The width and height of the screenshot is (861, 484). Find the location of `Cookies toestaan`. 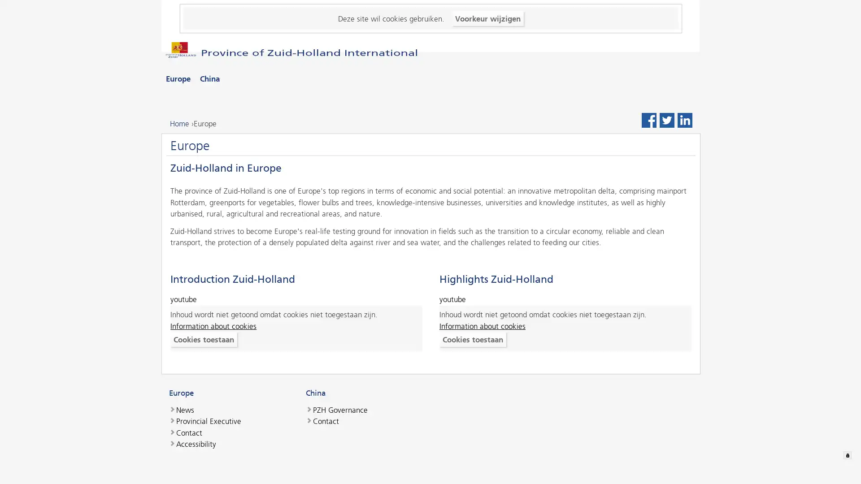

Cookies toestaan is located at coordinates (472, 339).